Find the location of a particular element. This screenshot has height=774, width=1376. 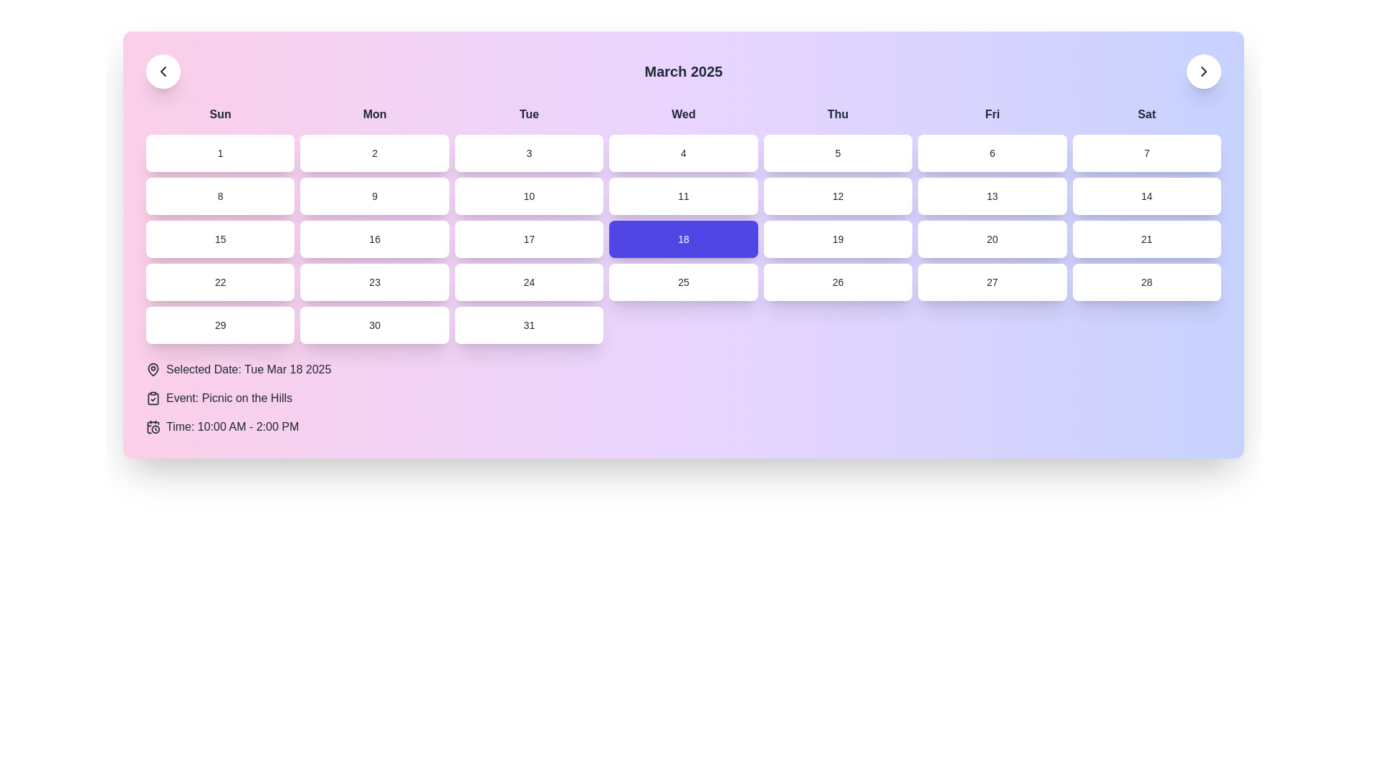

the middle component of the clipboard icon, which is a rectangular element with rounded corners, styled with an outline and no fill, located near the bottom-left section of the interface is located at coordinates (153, 398).